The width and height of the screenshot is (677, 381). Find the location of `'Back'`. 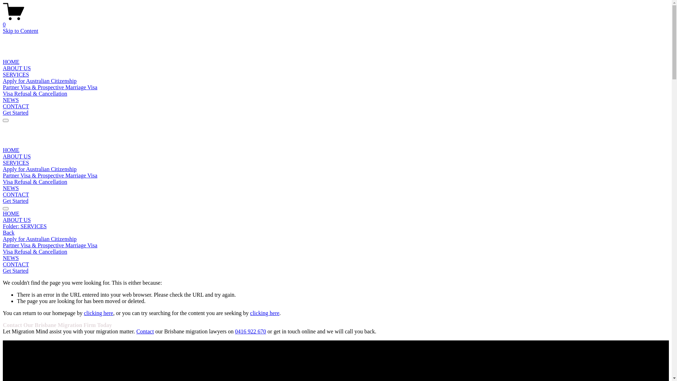

'Back' is located at coordinates (8, 232).